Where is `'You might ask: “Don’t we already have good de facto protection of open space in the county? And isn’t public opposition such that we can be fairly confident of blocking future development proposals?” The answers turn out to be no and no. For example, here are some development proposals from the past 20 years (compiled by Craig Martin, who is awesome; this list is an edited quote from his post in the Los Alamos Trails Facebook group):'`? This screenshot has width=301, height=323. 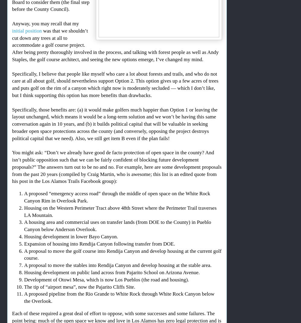
'You might ask: “Don’t we already have good de facto protection of open space in the county? And isn’t public opposition such that we can be fairly confident of blocking future development proposals?” The answers turn out to be no and no. For example, here are some development proposals from the past 20 years (compiled by Craig Martin, who is awesome; this list is an edited quote from his post in the Los Alamos Trails Facebook group):' is located at coordinates (12, 167).